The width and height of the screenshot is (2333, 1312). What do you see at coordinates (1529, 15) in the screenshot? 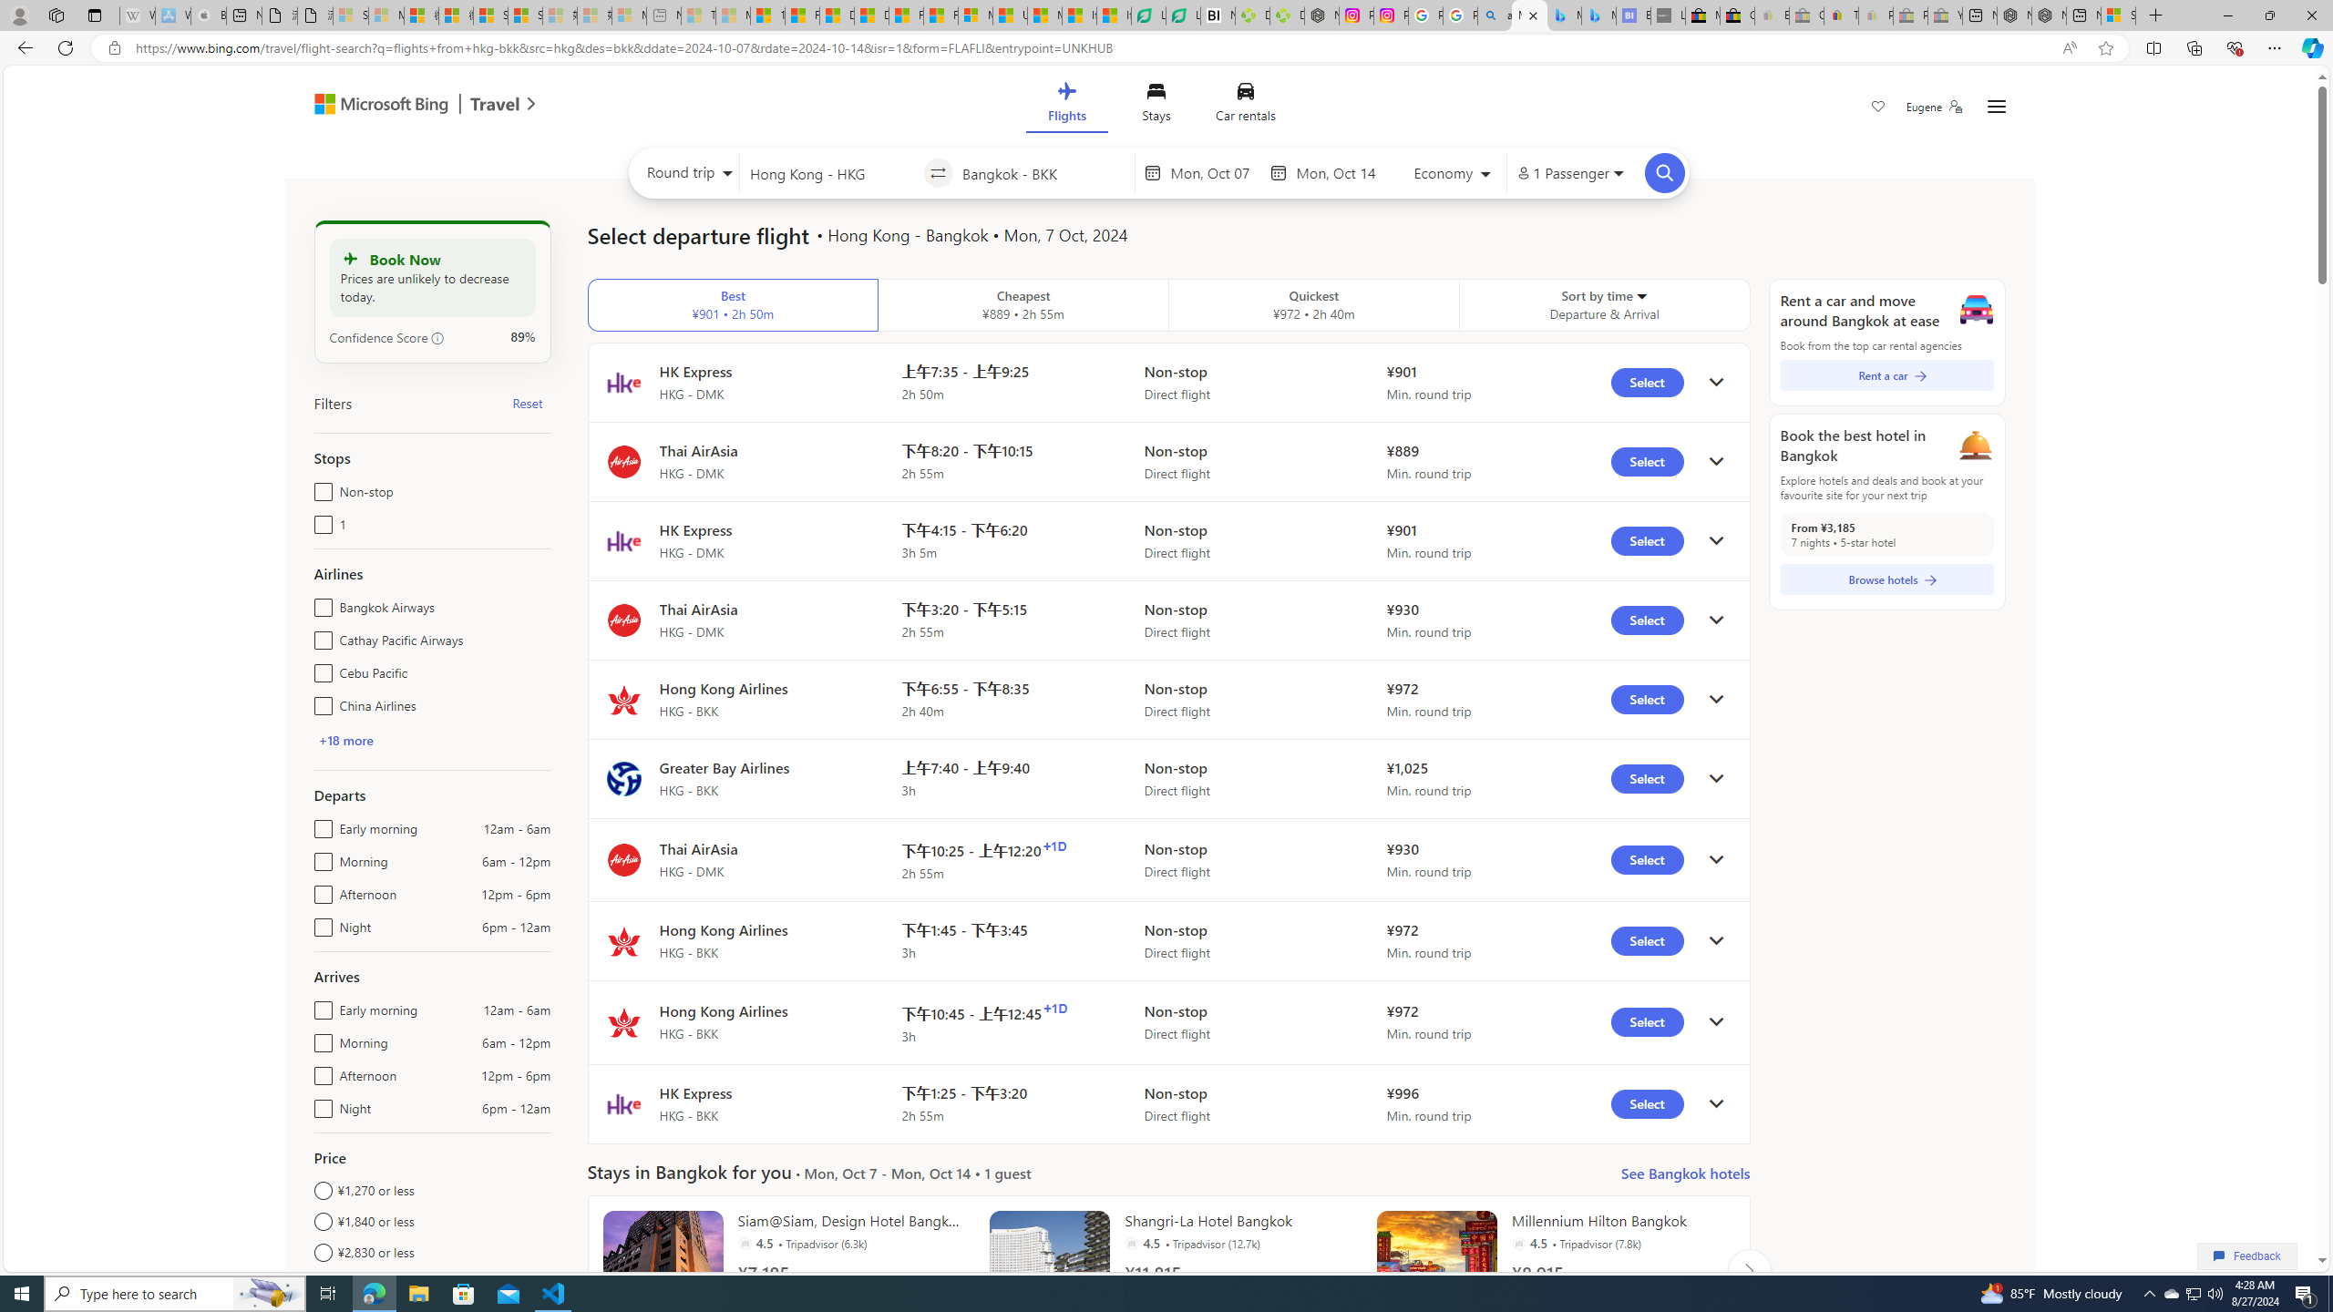
I see `'Microsoft Bing Travel - Flights from Hong Kong to Bangkok'` at bounding box center [1529, 15].